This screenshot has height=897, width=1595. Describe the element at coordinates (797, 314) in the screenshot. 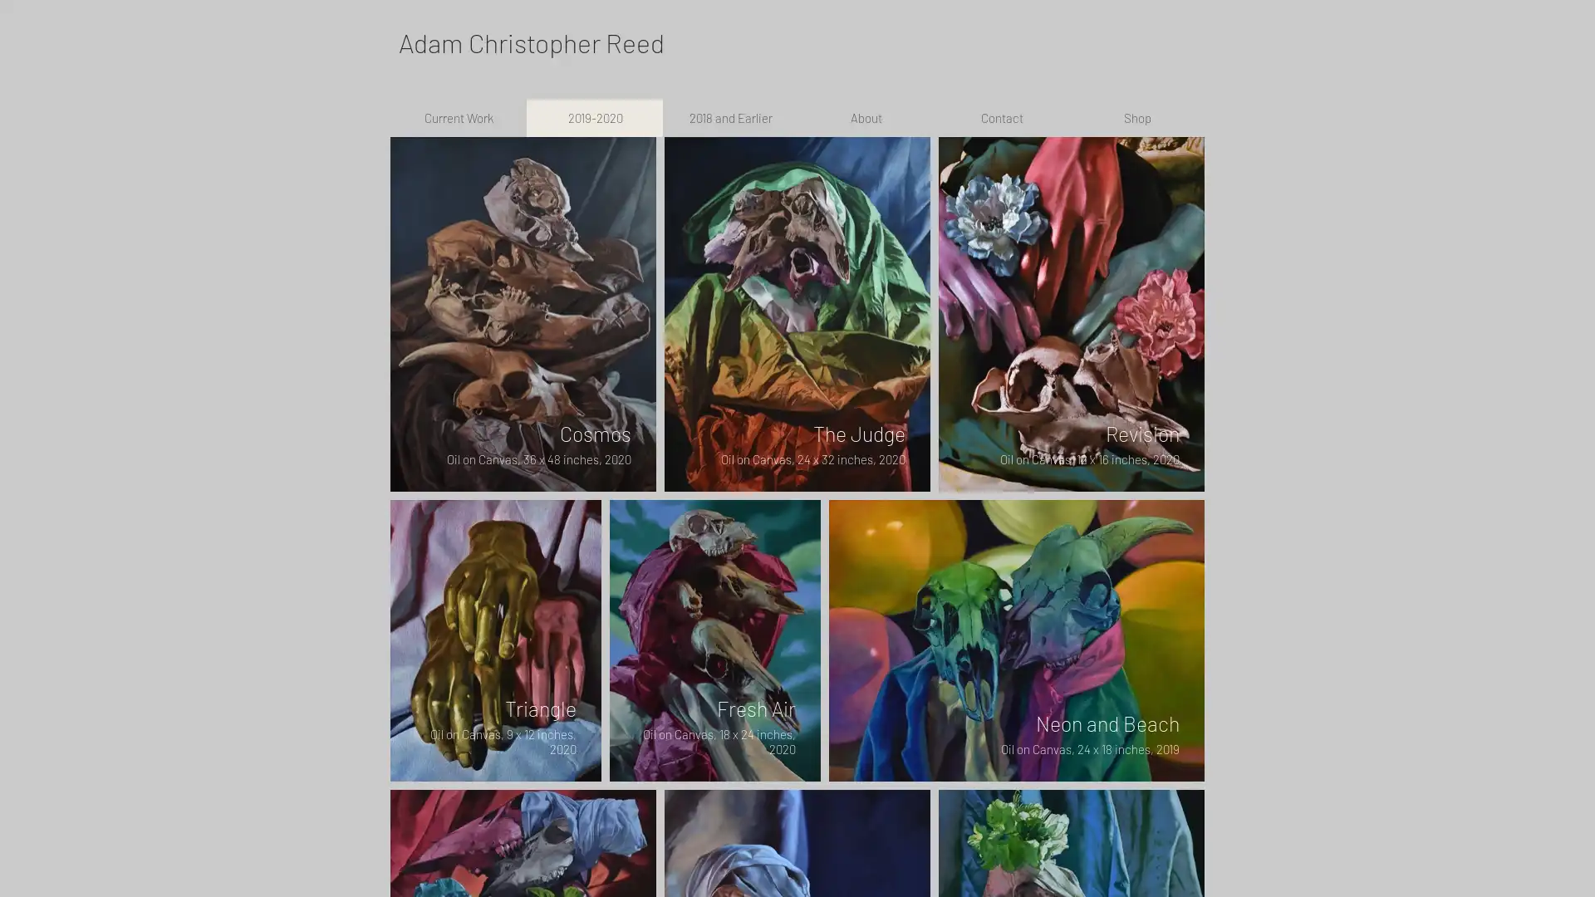

I see `The Judge` at that location.